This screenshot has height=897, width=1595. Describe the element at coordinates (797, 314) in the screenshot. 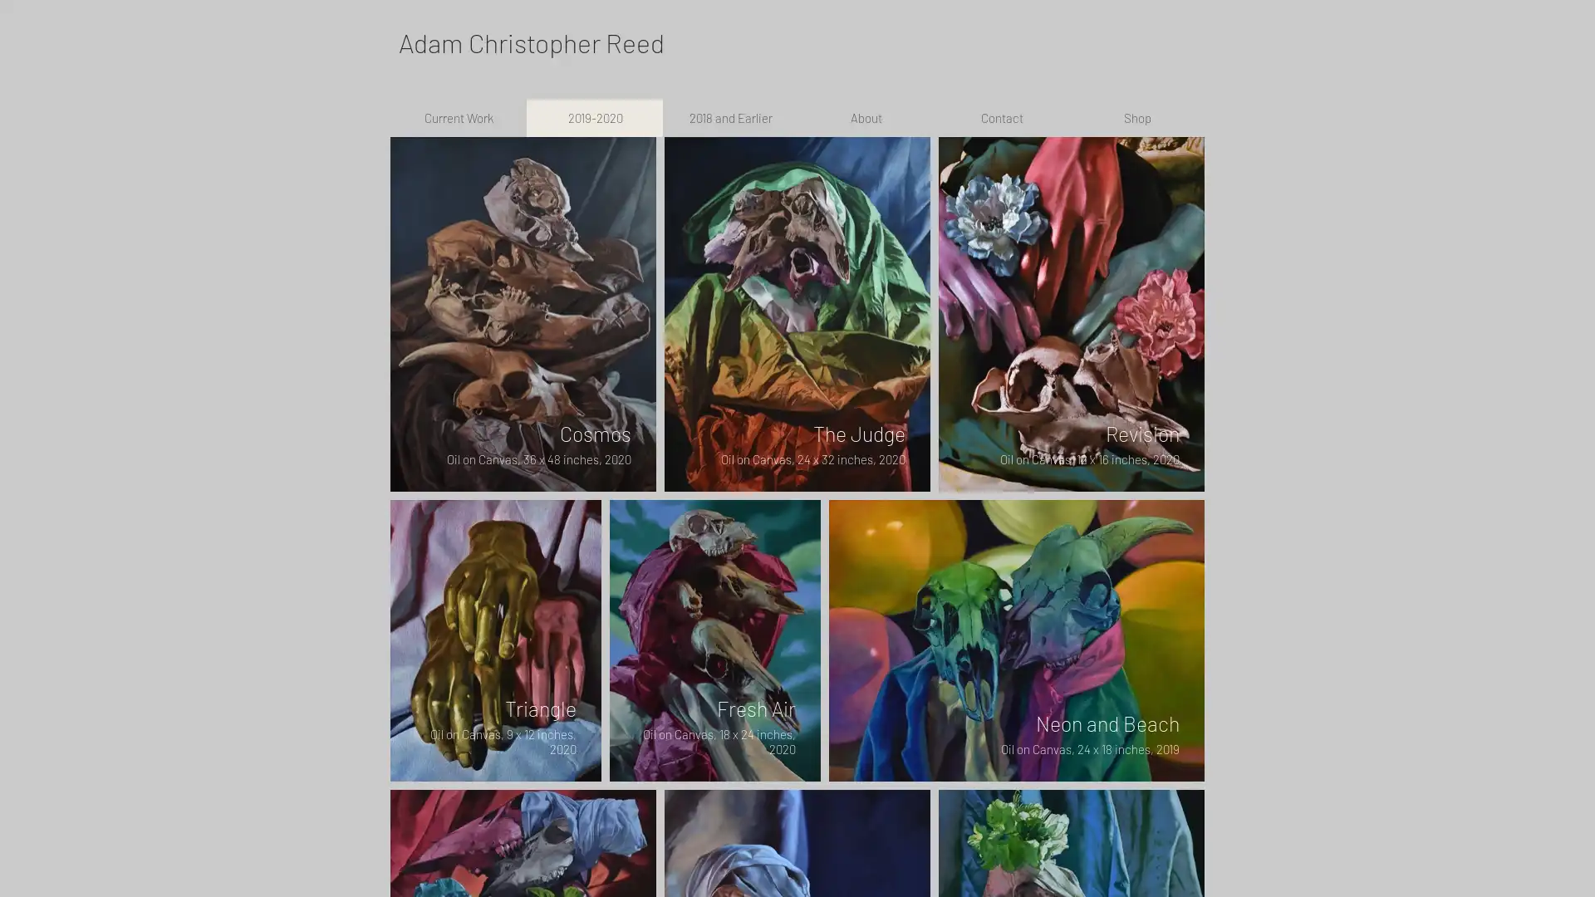

I see `The Judge` at that location.